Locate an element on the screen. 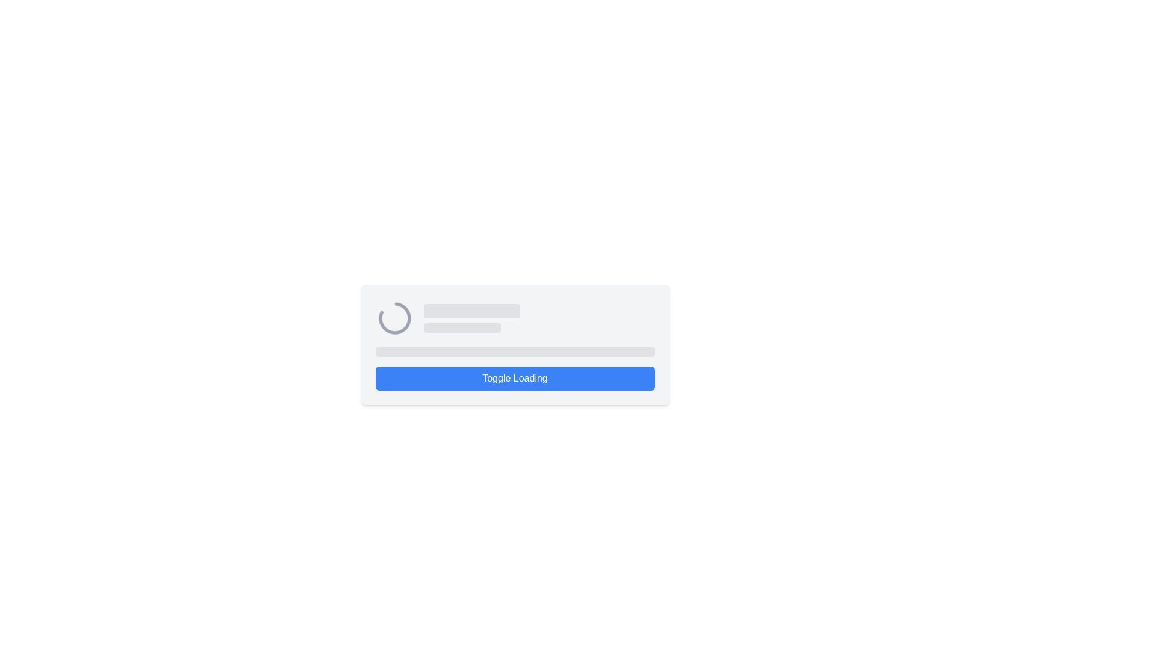 This screenshot has height=650, width=1156. the blue button labeled 'Toggle Loading' is located at coordinates (515, 345).